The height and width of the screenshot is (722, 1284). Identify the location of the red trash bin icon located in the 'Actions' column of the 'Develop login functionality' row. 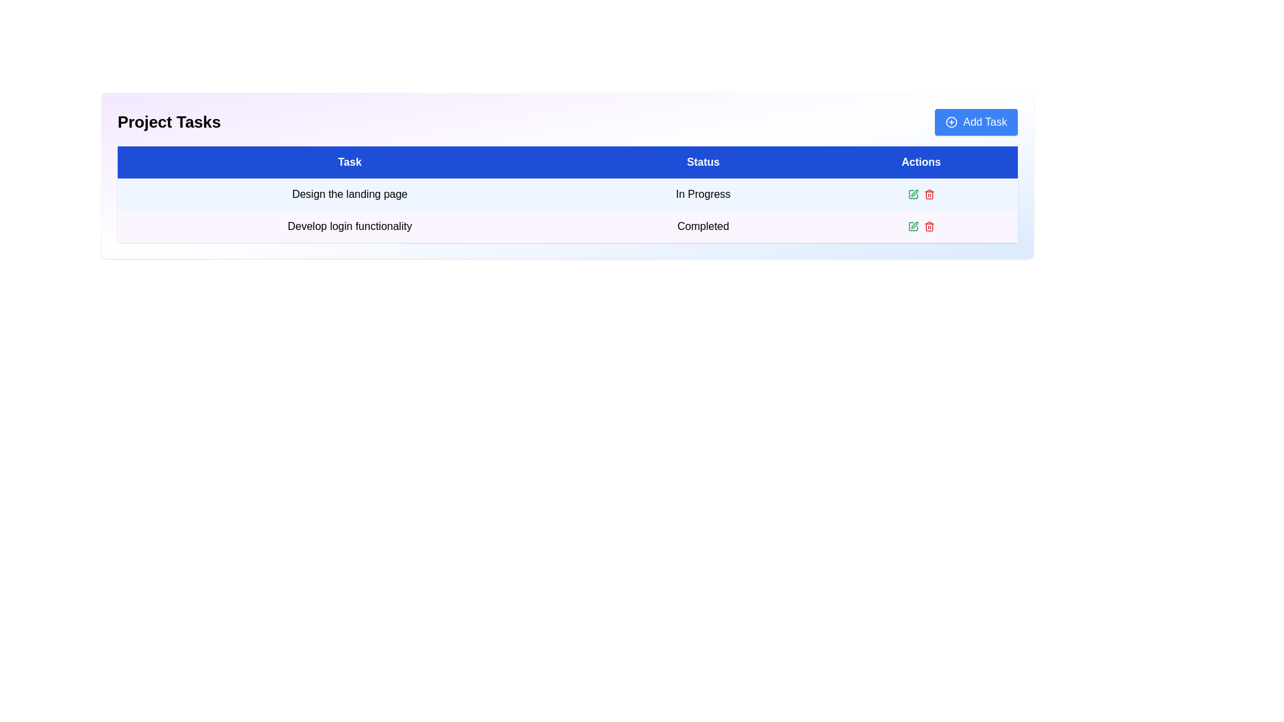
(928, 226).